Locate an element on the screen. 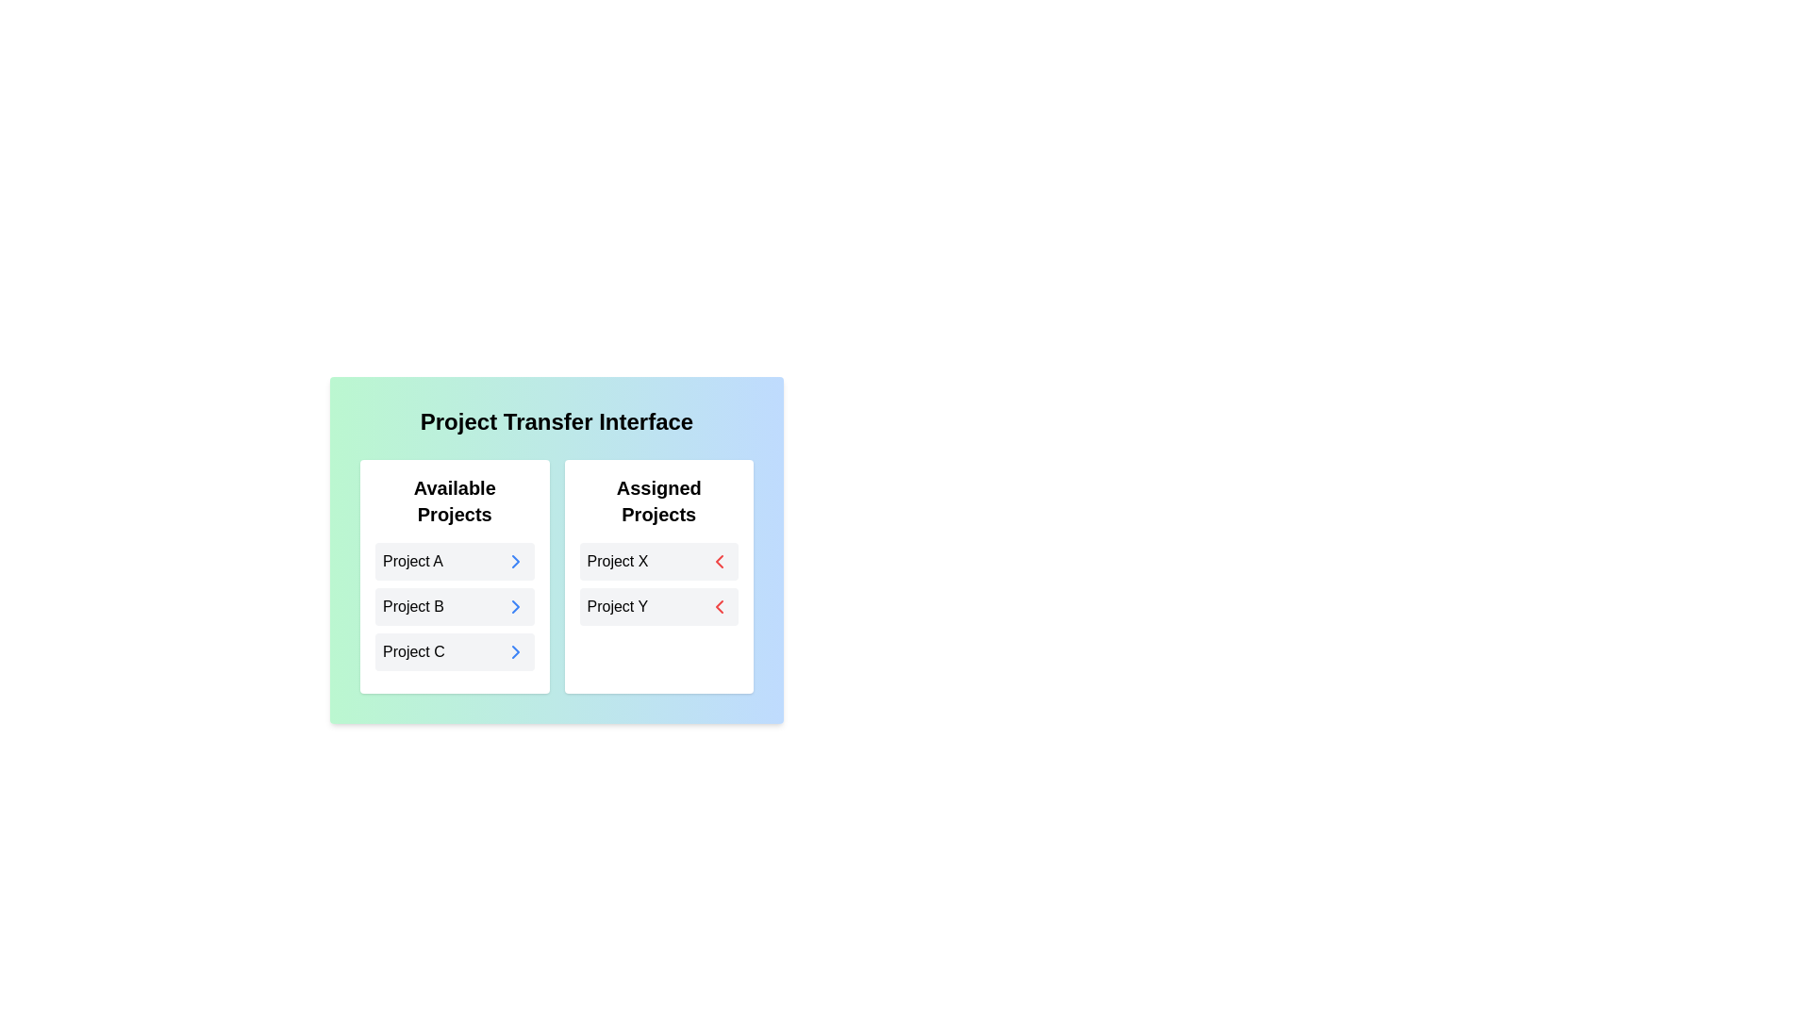 This screenshot has width=1811, height=1018. the first item in the 'Assigned Projects' section of the interface, which represents a project assignment for reassignment or removal is located at coordinates (658, 561).